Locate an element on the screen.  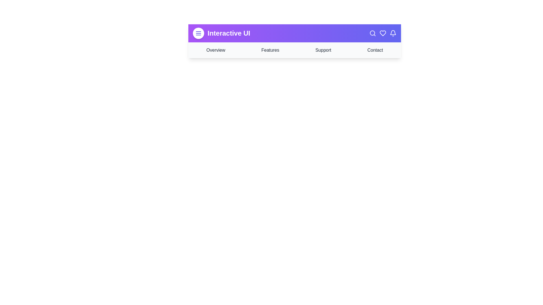
the heart icon in the app bar is located at coordinates (383, 33).